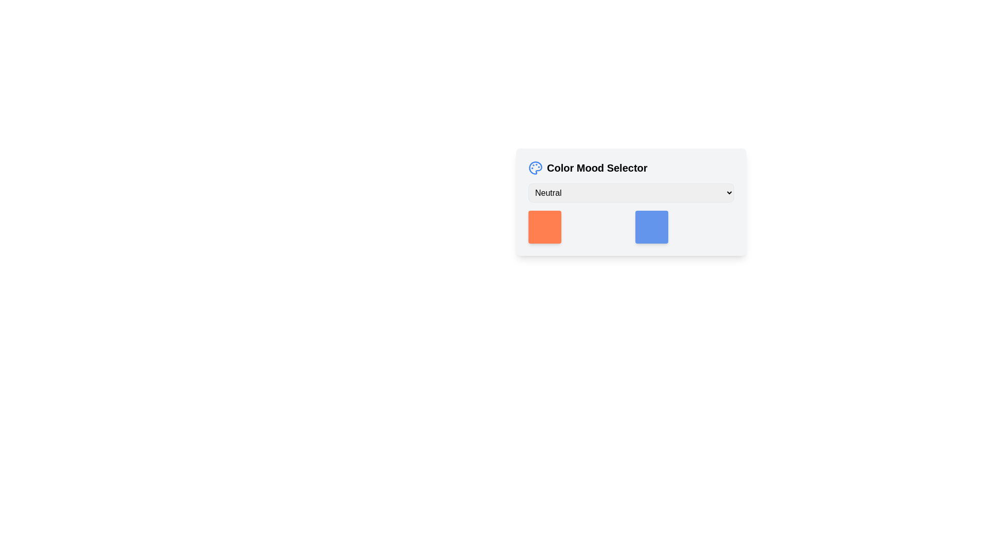 Image resolution: width=987 pixels, height=555 pixels. I want to click on the color mood palette icon located to the left of the 'Color Mood Selector' text by moving the cursor to its center point, so click(535, 168).